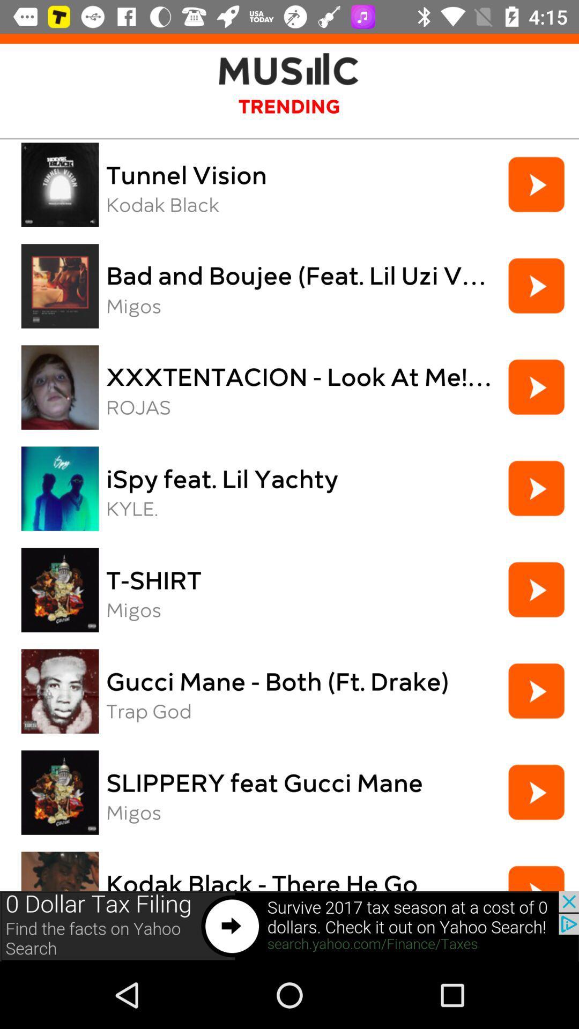  I want to click on advertisement at bottom, so click(289, 926).